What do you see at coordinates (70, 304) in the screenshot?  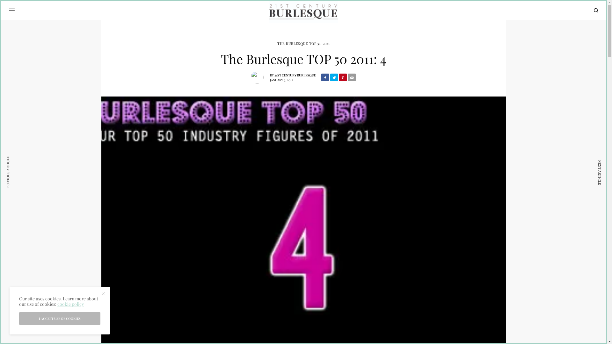 I see `'cookie policy'` at bounding box center [70, 304].